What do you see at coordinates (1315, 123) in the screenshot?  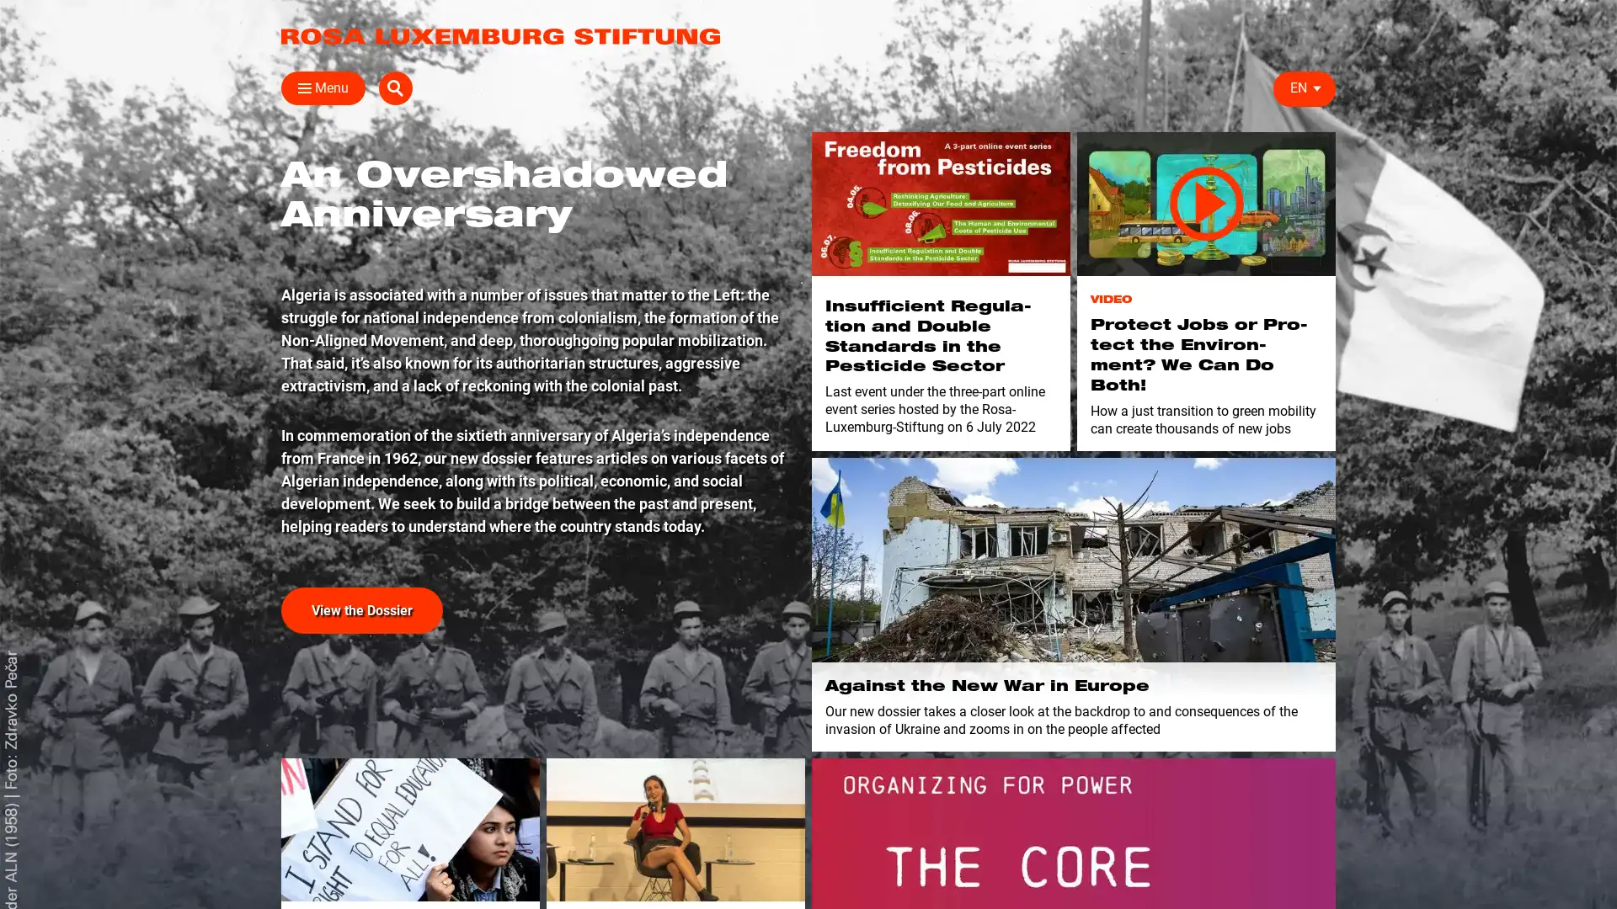 I see `Close` at bounding box center [1315, 123].